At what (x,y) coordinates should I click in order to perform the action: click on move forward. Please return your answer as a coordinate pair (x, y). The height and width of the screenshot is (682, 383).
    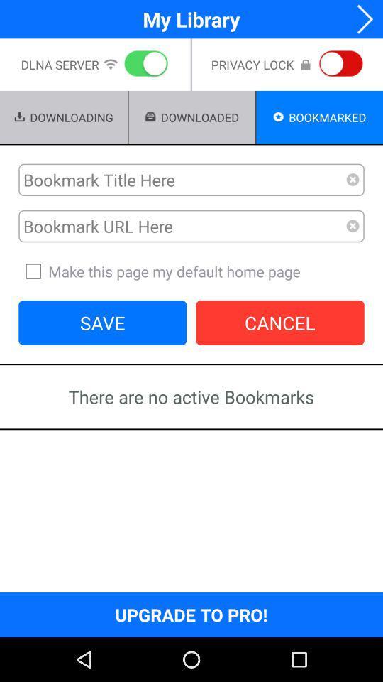
    Looking at the image, I should click on (360, 18).